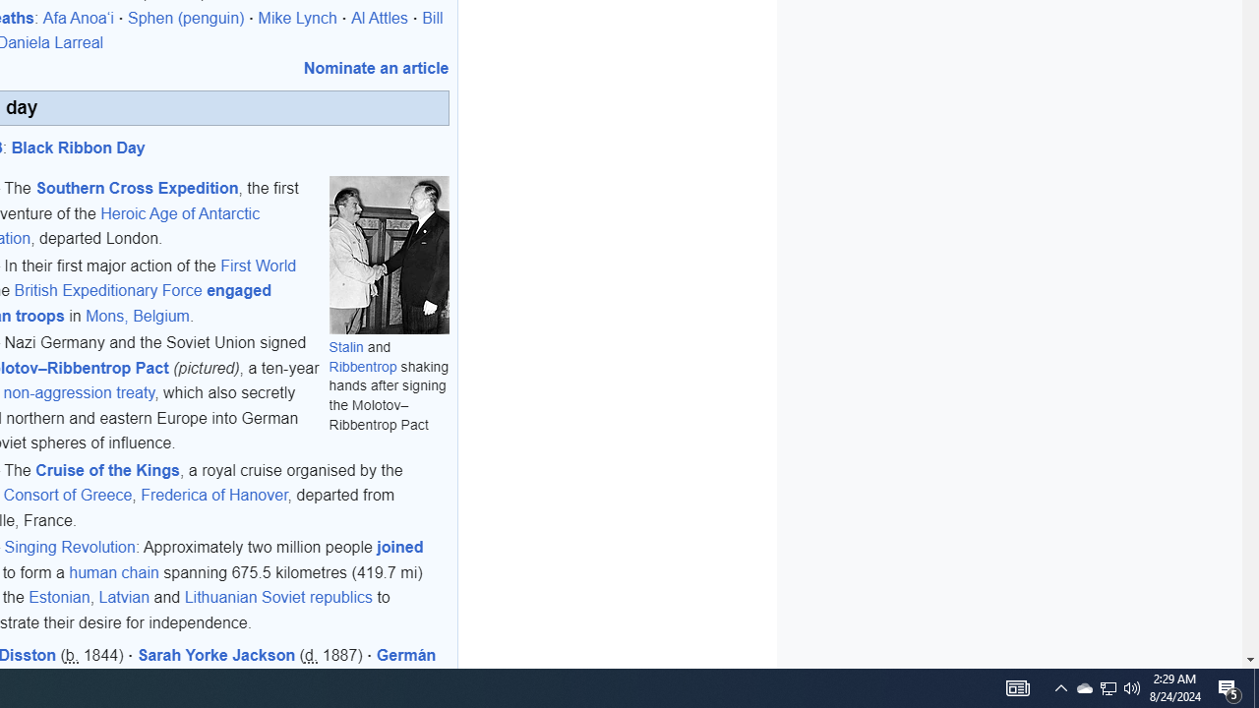 The width and height of the screenshot is (1259, 708). What do you see at coordinates (187, 18) in the screenshot?
I see `'Sphen (penguin)'` at bounding box center [187, 18].